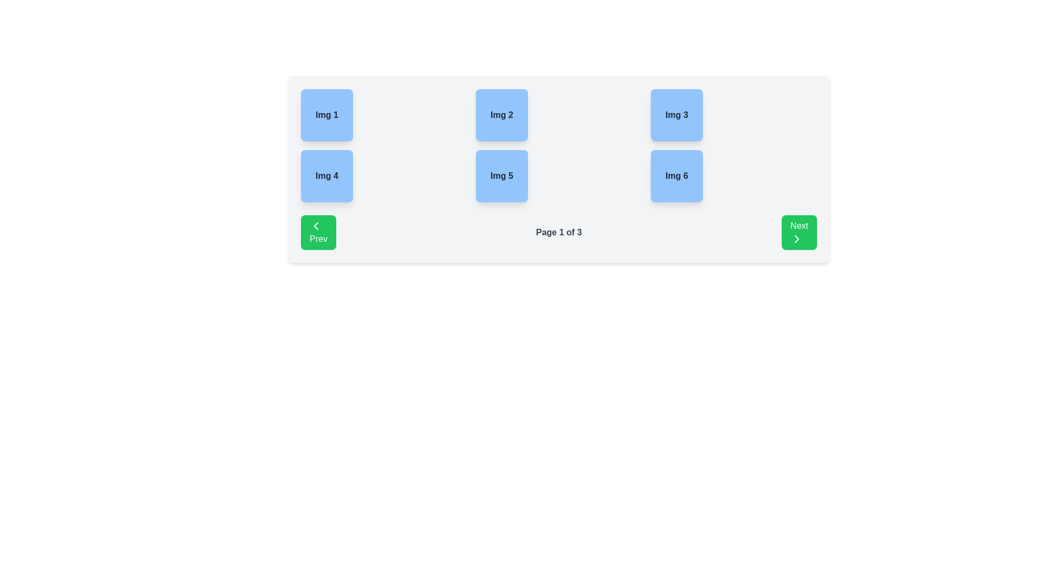 Image resolution: width=1043 pixels, height=587 pixels. I want to click on the green 'Prev' button with rounded corners located to the left of the pagination controls for visual feedback, so click(318, 232).